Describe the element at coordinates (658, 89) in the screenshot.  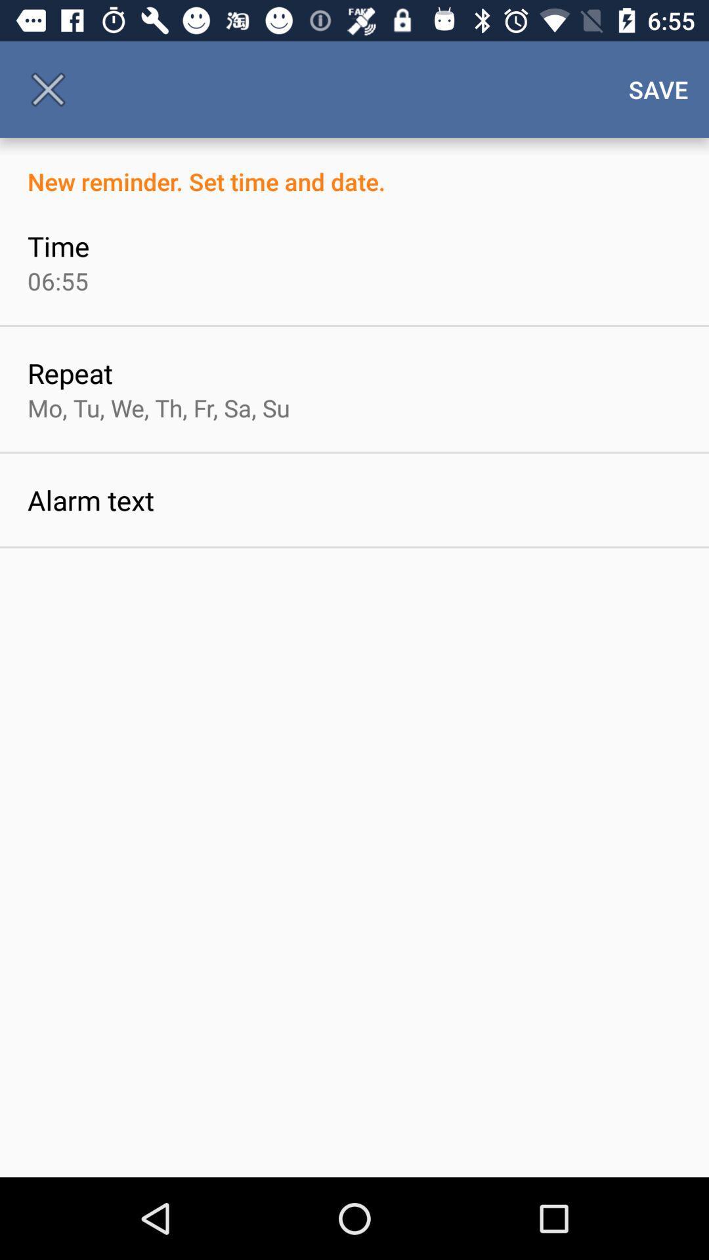
I see `save` at that location.